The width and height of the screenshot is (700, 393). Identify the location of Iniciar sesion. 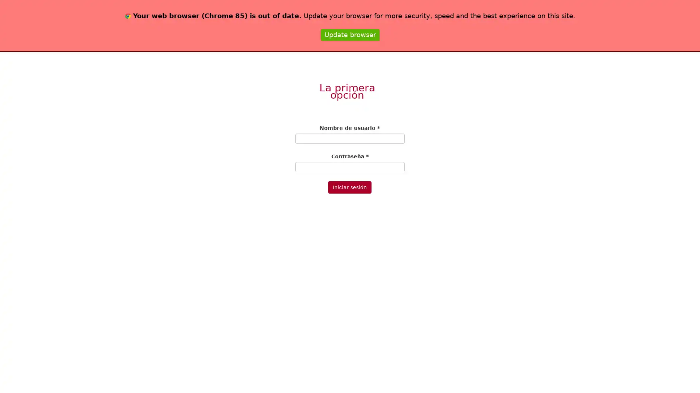
(349, 187).